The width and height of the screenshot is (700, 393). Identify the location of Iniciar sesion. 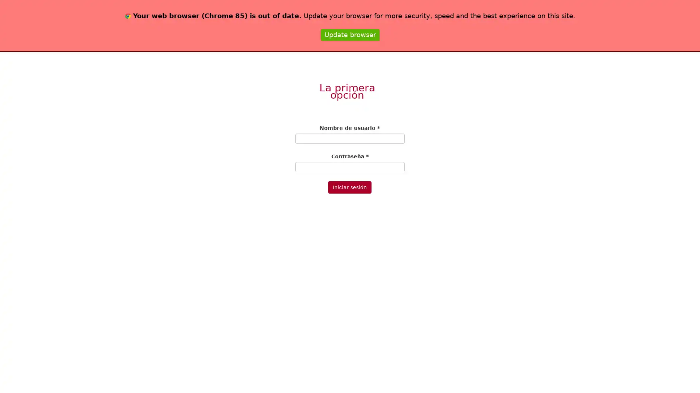
(349, 187).